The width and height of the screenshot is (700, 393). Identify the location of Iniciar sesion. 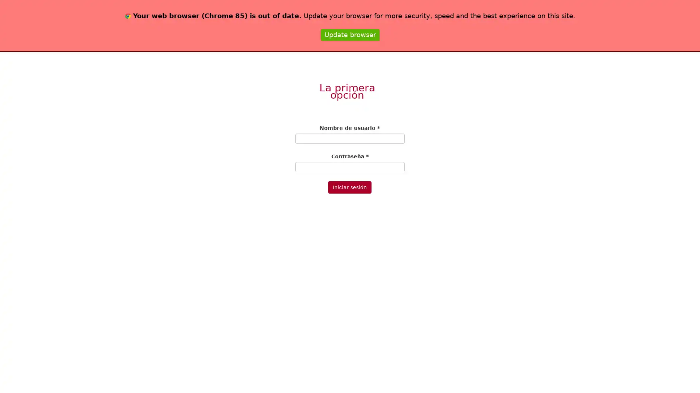
(349, 187).